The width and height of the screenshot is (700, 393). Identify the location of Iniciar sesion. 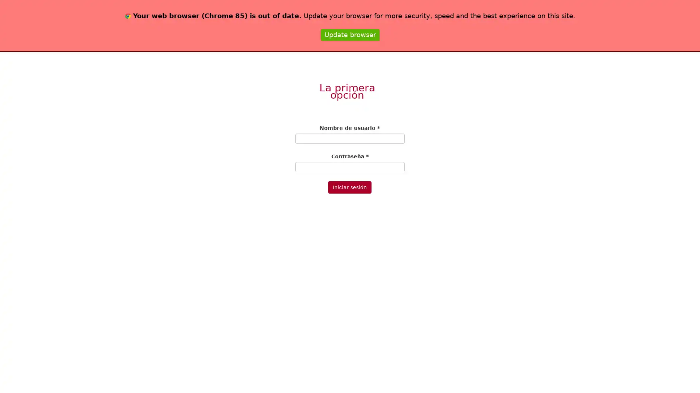
(349, 187).